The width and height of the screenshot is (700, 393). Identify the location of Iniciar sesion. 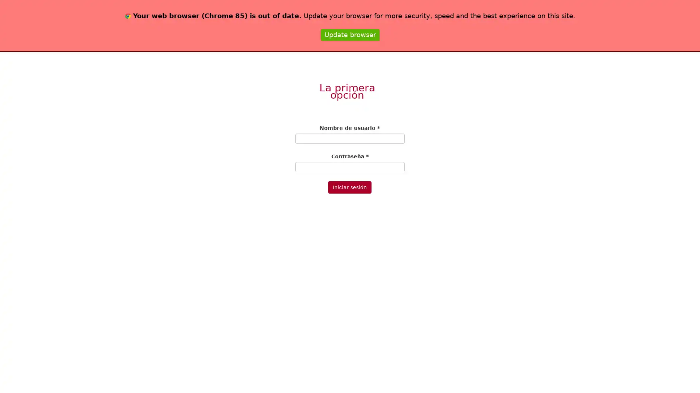
(349, 187).